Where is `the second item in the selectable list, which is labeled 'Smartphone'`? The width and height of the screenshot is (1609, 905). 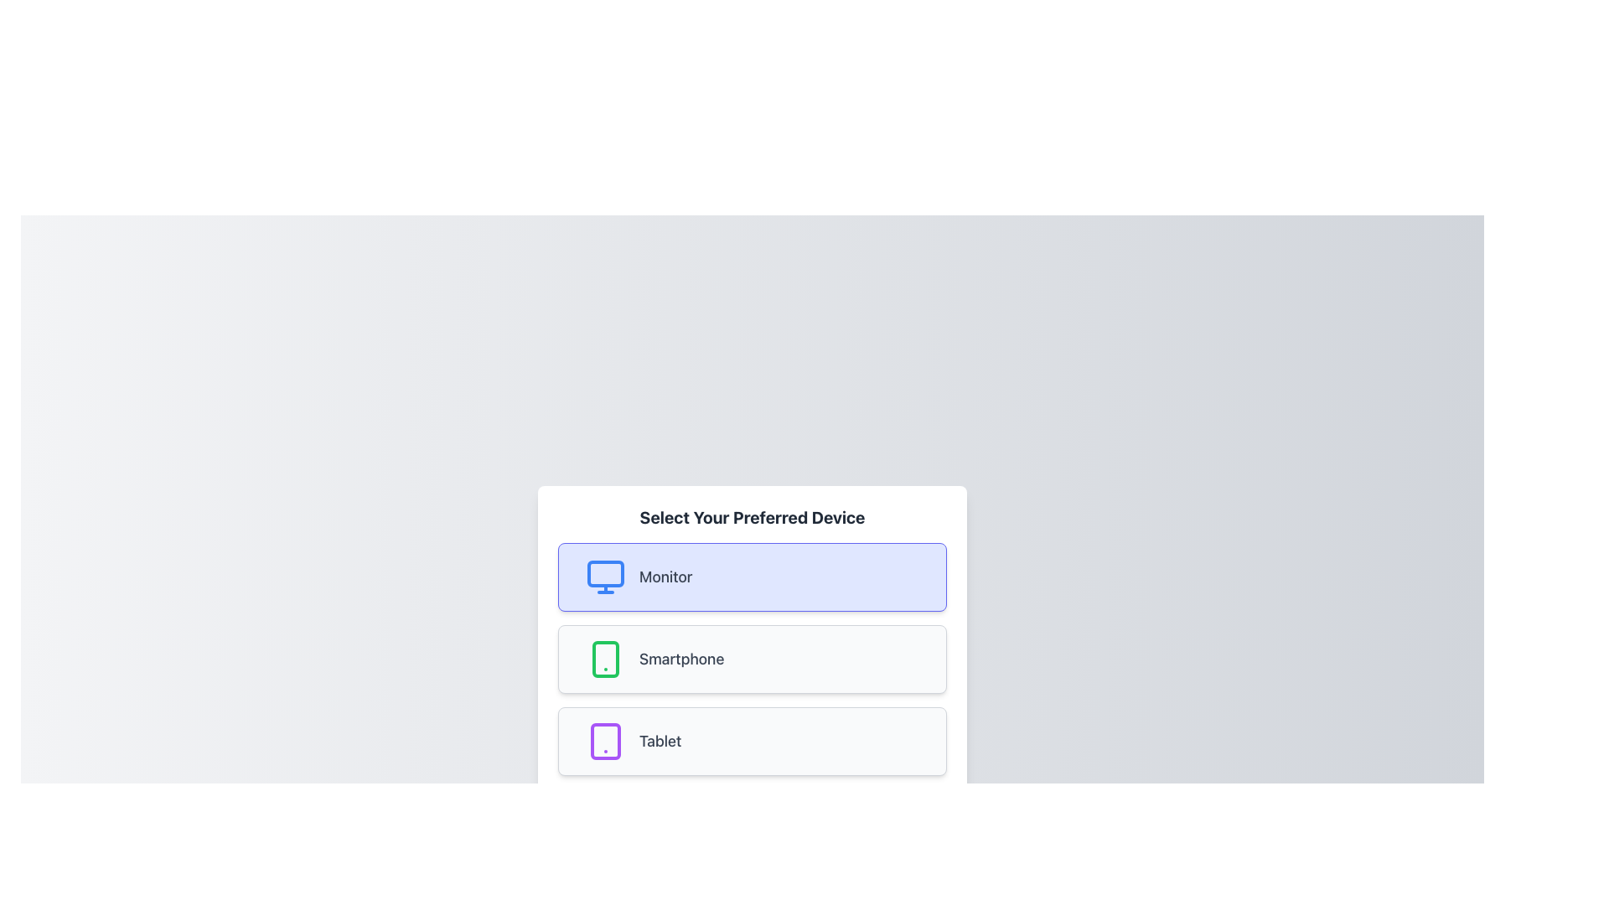
the second item in the selectable list, which is labeled 'Smartphone' is located at coordinates (751, 658).